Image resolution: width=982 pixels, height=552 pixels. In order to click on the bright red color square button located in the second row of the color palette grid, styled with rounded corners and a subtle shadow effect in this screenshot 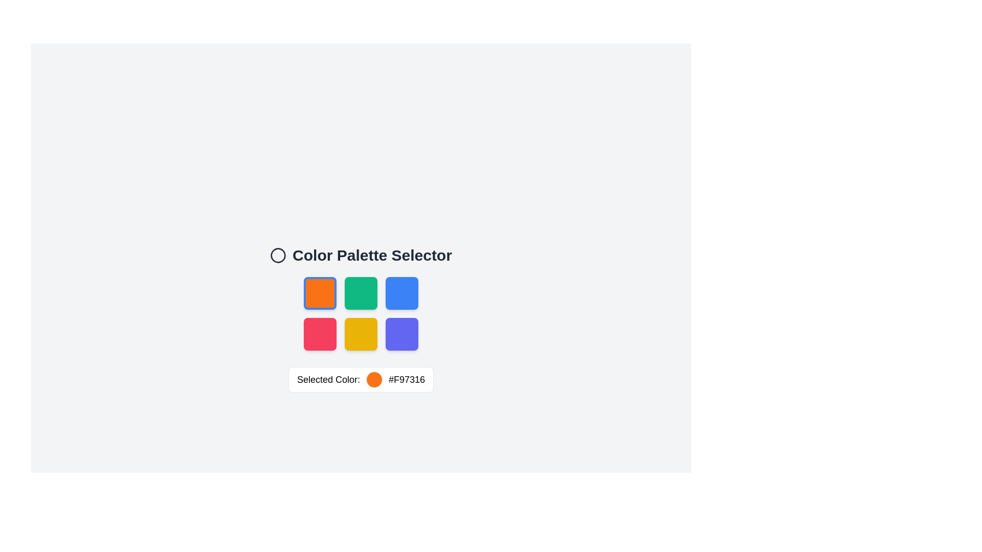, I will do `click(319, 334)`.